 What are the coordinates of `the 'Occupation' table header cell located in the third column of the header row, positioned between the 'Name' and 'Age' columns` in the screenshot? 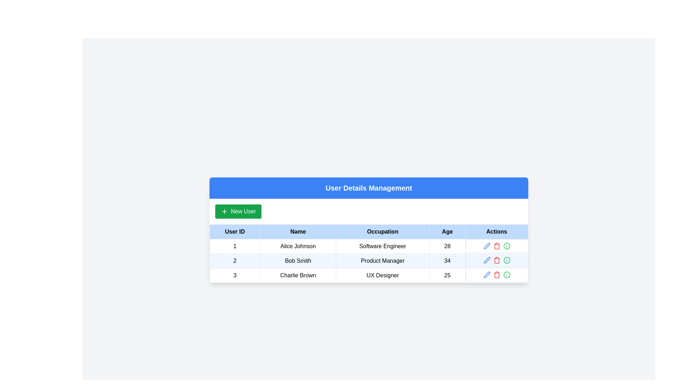 It's located at (382, 231).